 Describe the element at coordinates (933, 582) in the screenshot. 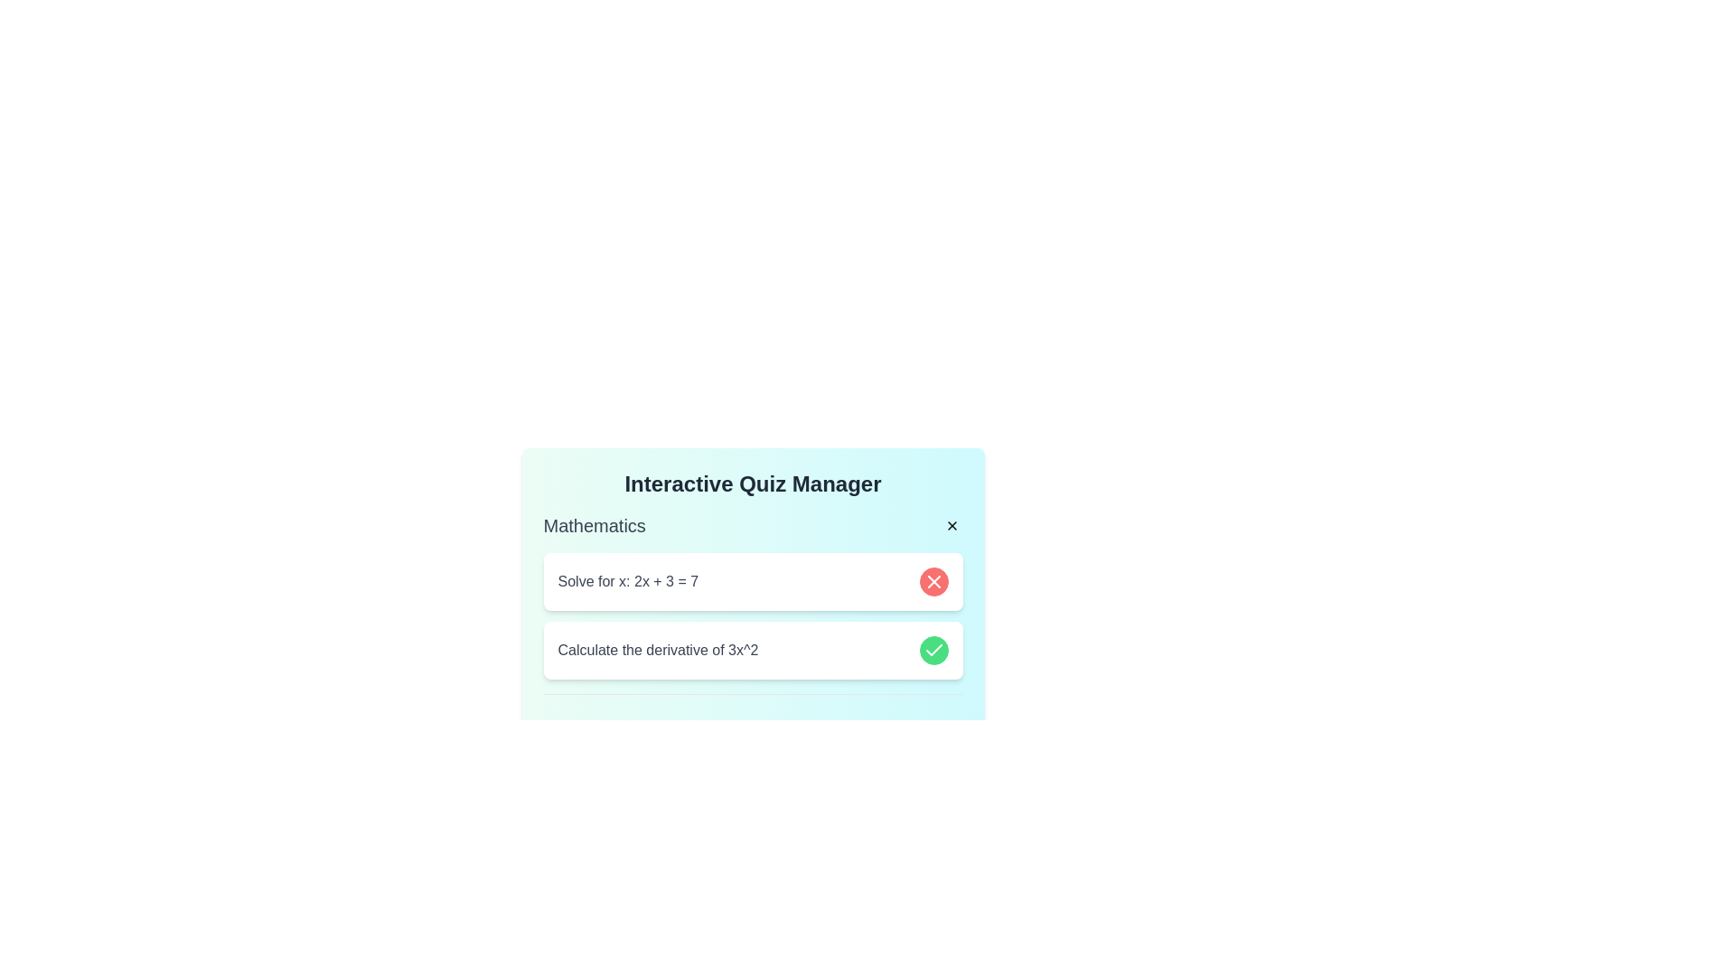

I see `the small cross-shaped icon located in the top-right corner of the 'Interactive Quiz Manager'` at that location.